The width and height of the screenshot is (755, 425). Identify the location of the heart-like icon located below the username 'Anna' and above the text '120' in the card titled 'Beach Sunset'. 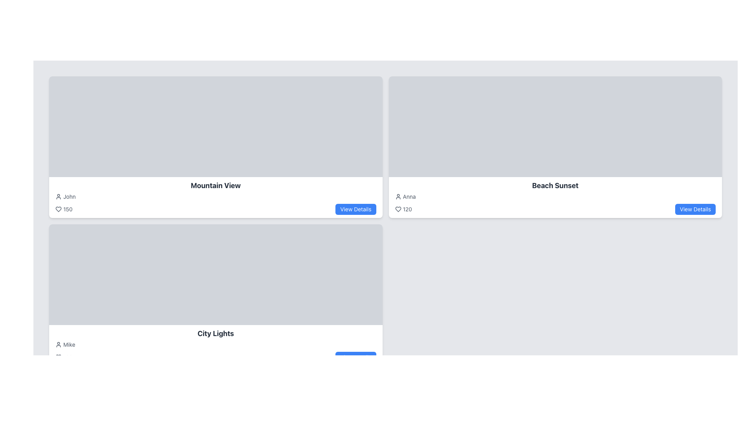
(398, 209).